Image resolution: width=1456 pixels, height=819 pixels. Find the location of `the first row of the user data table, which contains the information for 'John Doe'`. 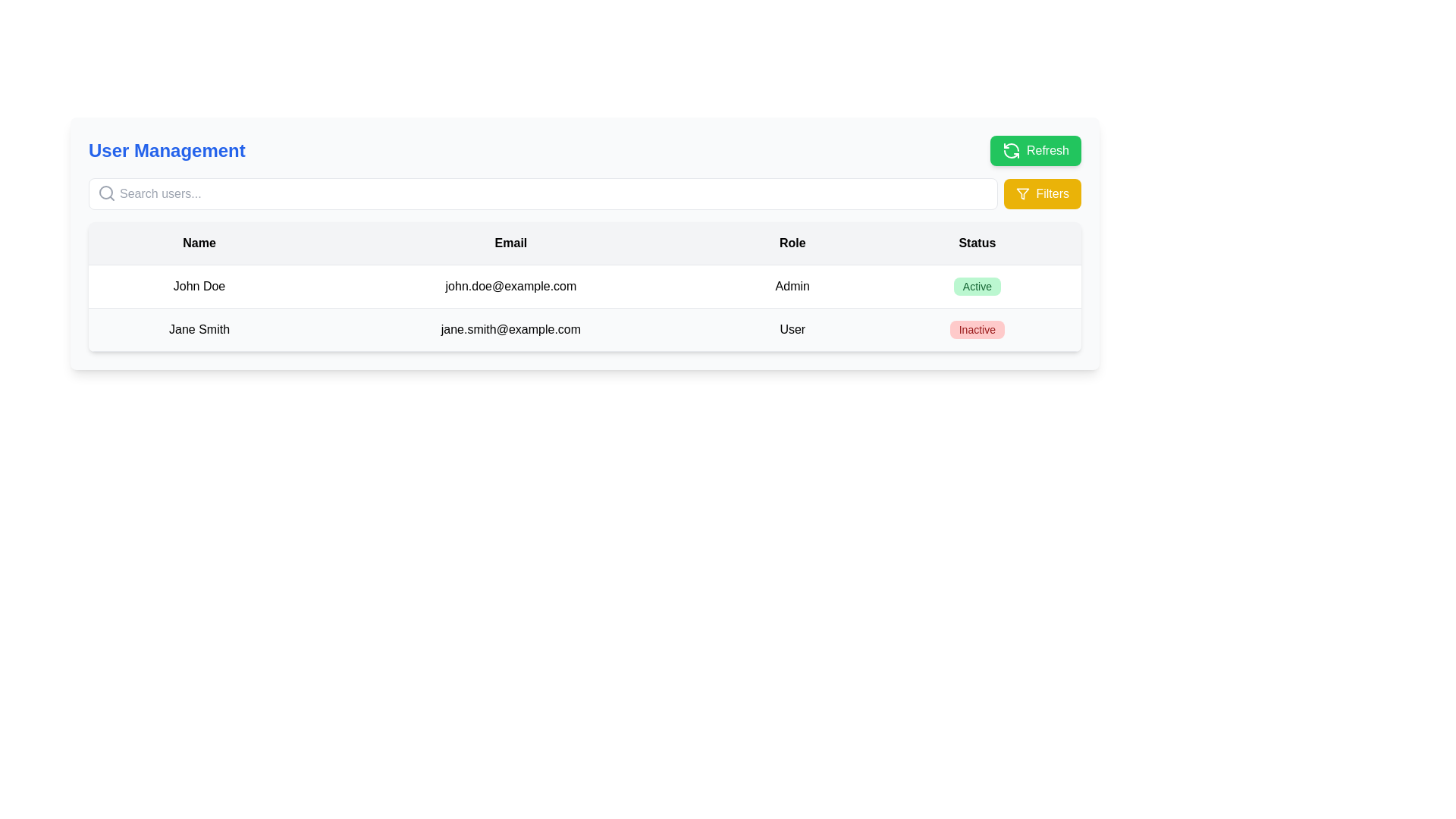

the first row of the user data table, which contains the information for 'John Doe' is located at coordinates (584, 287).